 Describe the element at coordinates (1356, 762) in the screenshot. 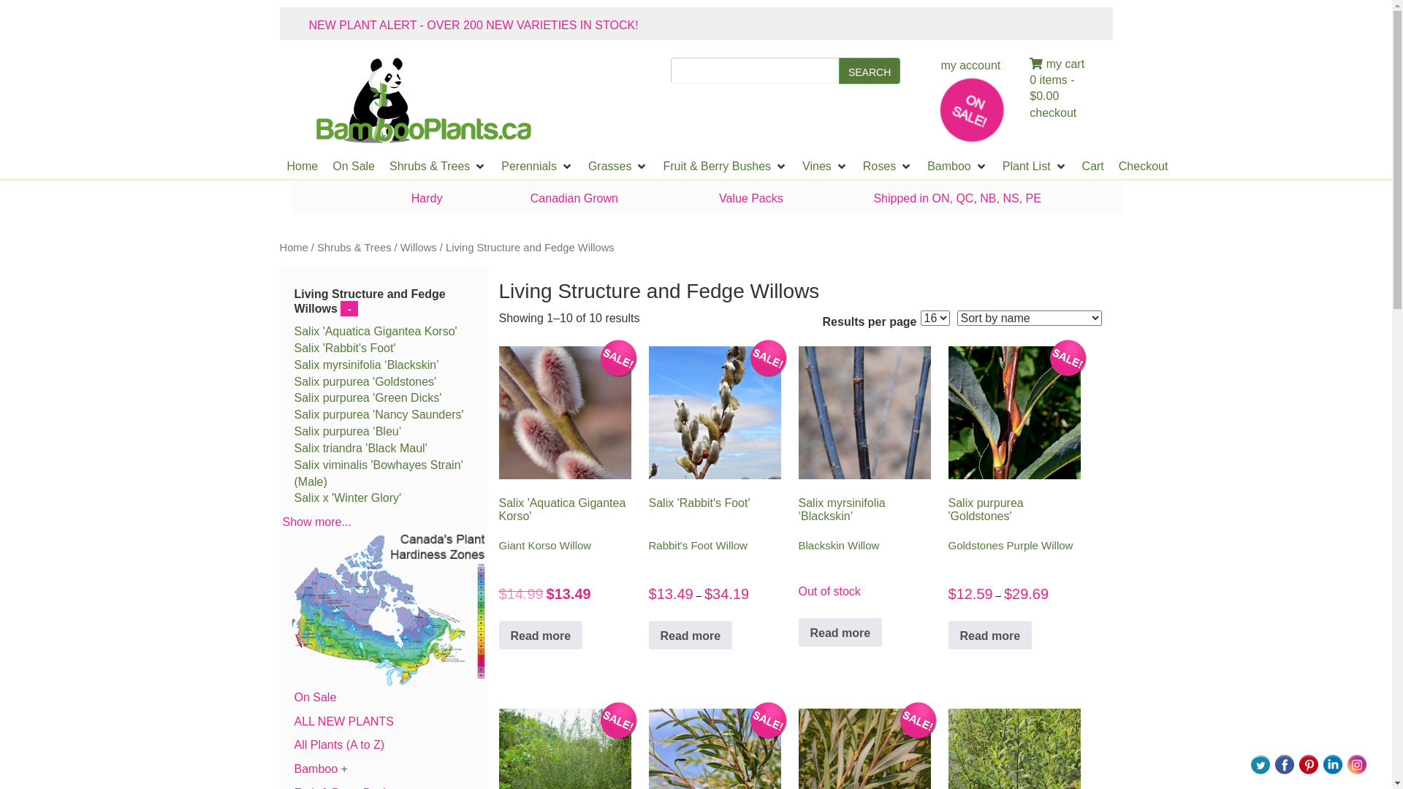

I see `'Visit Us On Instagram'` at that location.